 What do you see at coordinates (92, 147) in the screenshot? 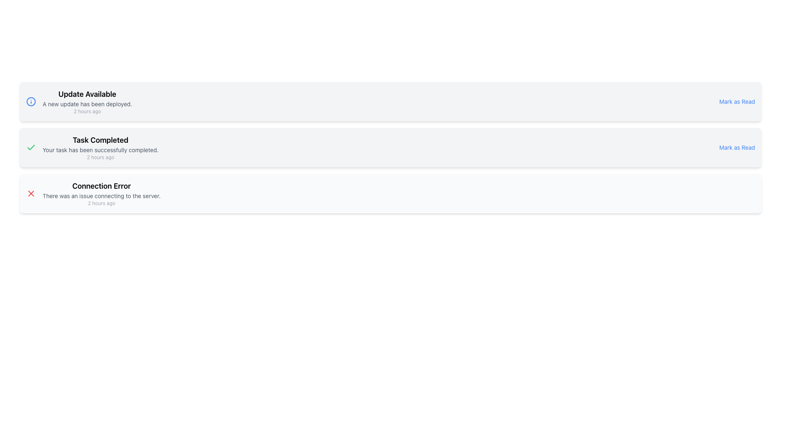
I see `the 'Task Completed' notification element to copy or select the text, which includes the title, description, and timestamp` at bounding box center [92, 147].